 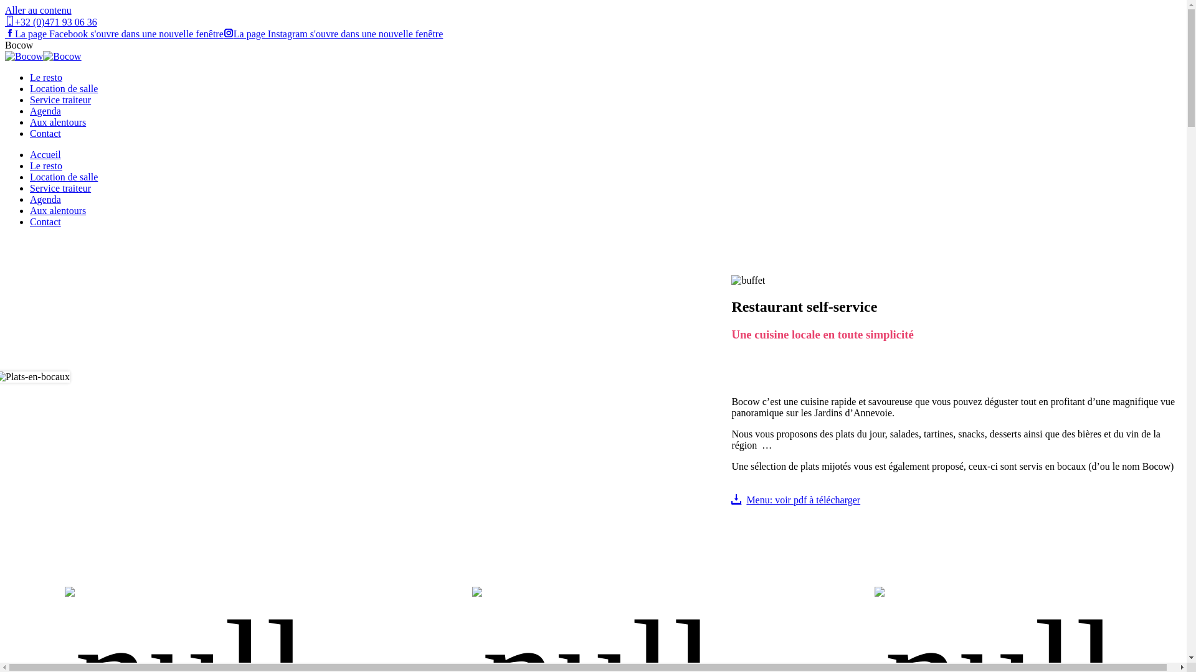 What do you see at coordinates (63, 177) in the screenshot?
I see `'Location de salle'` at bounding box center [63, 177].